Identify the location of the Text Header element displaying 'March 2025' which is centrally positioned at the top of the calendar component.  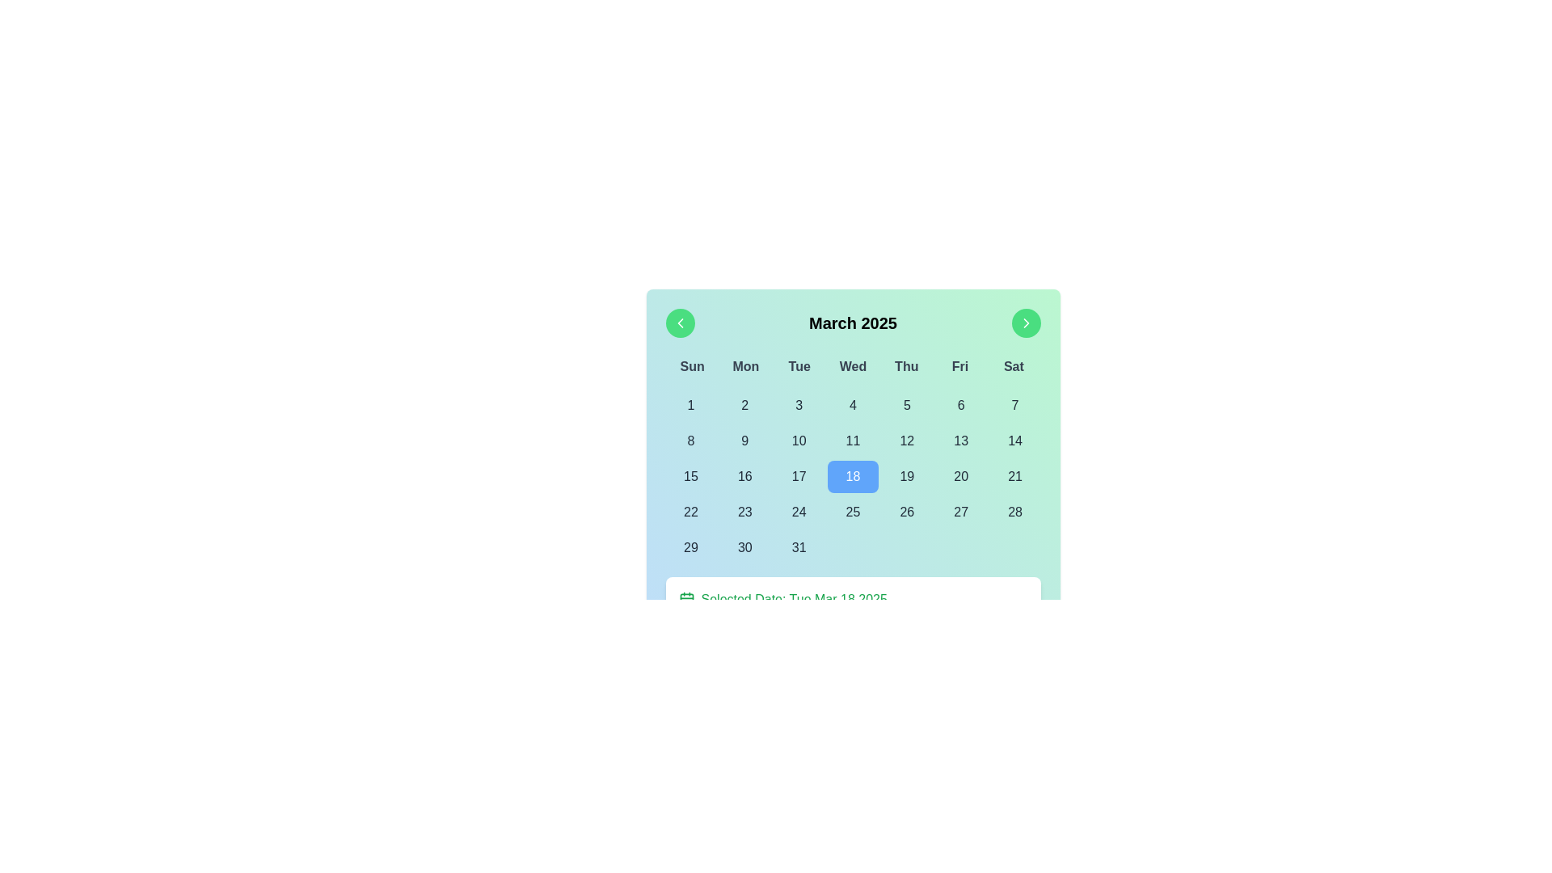
(852, 323).